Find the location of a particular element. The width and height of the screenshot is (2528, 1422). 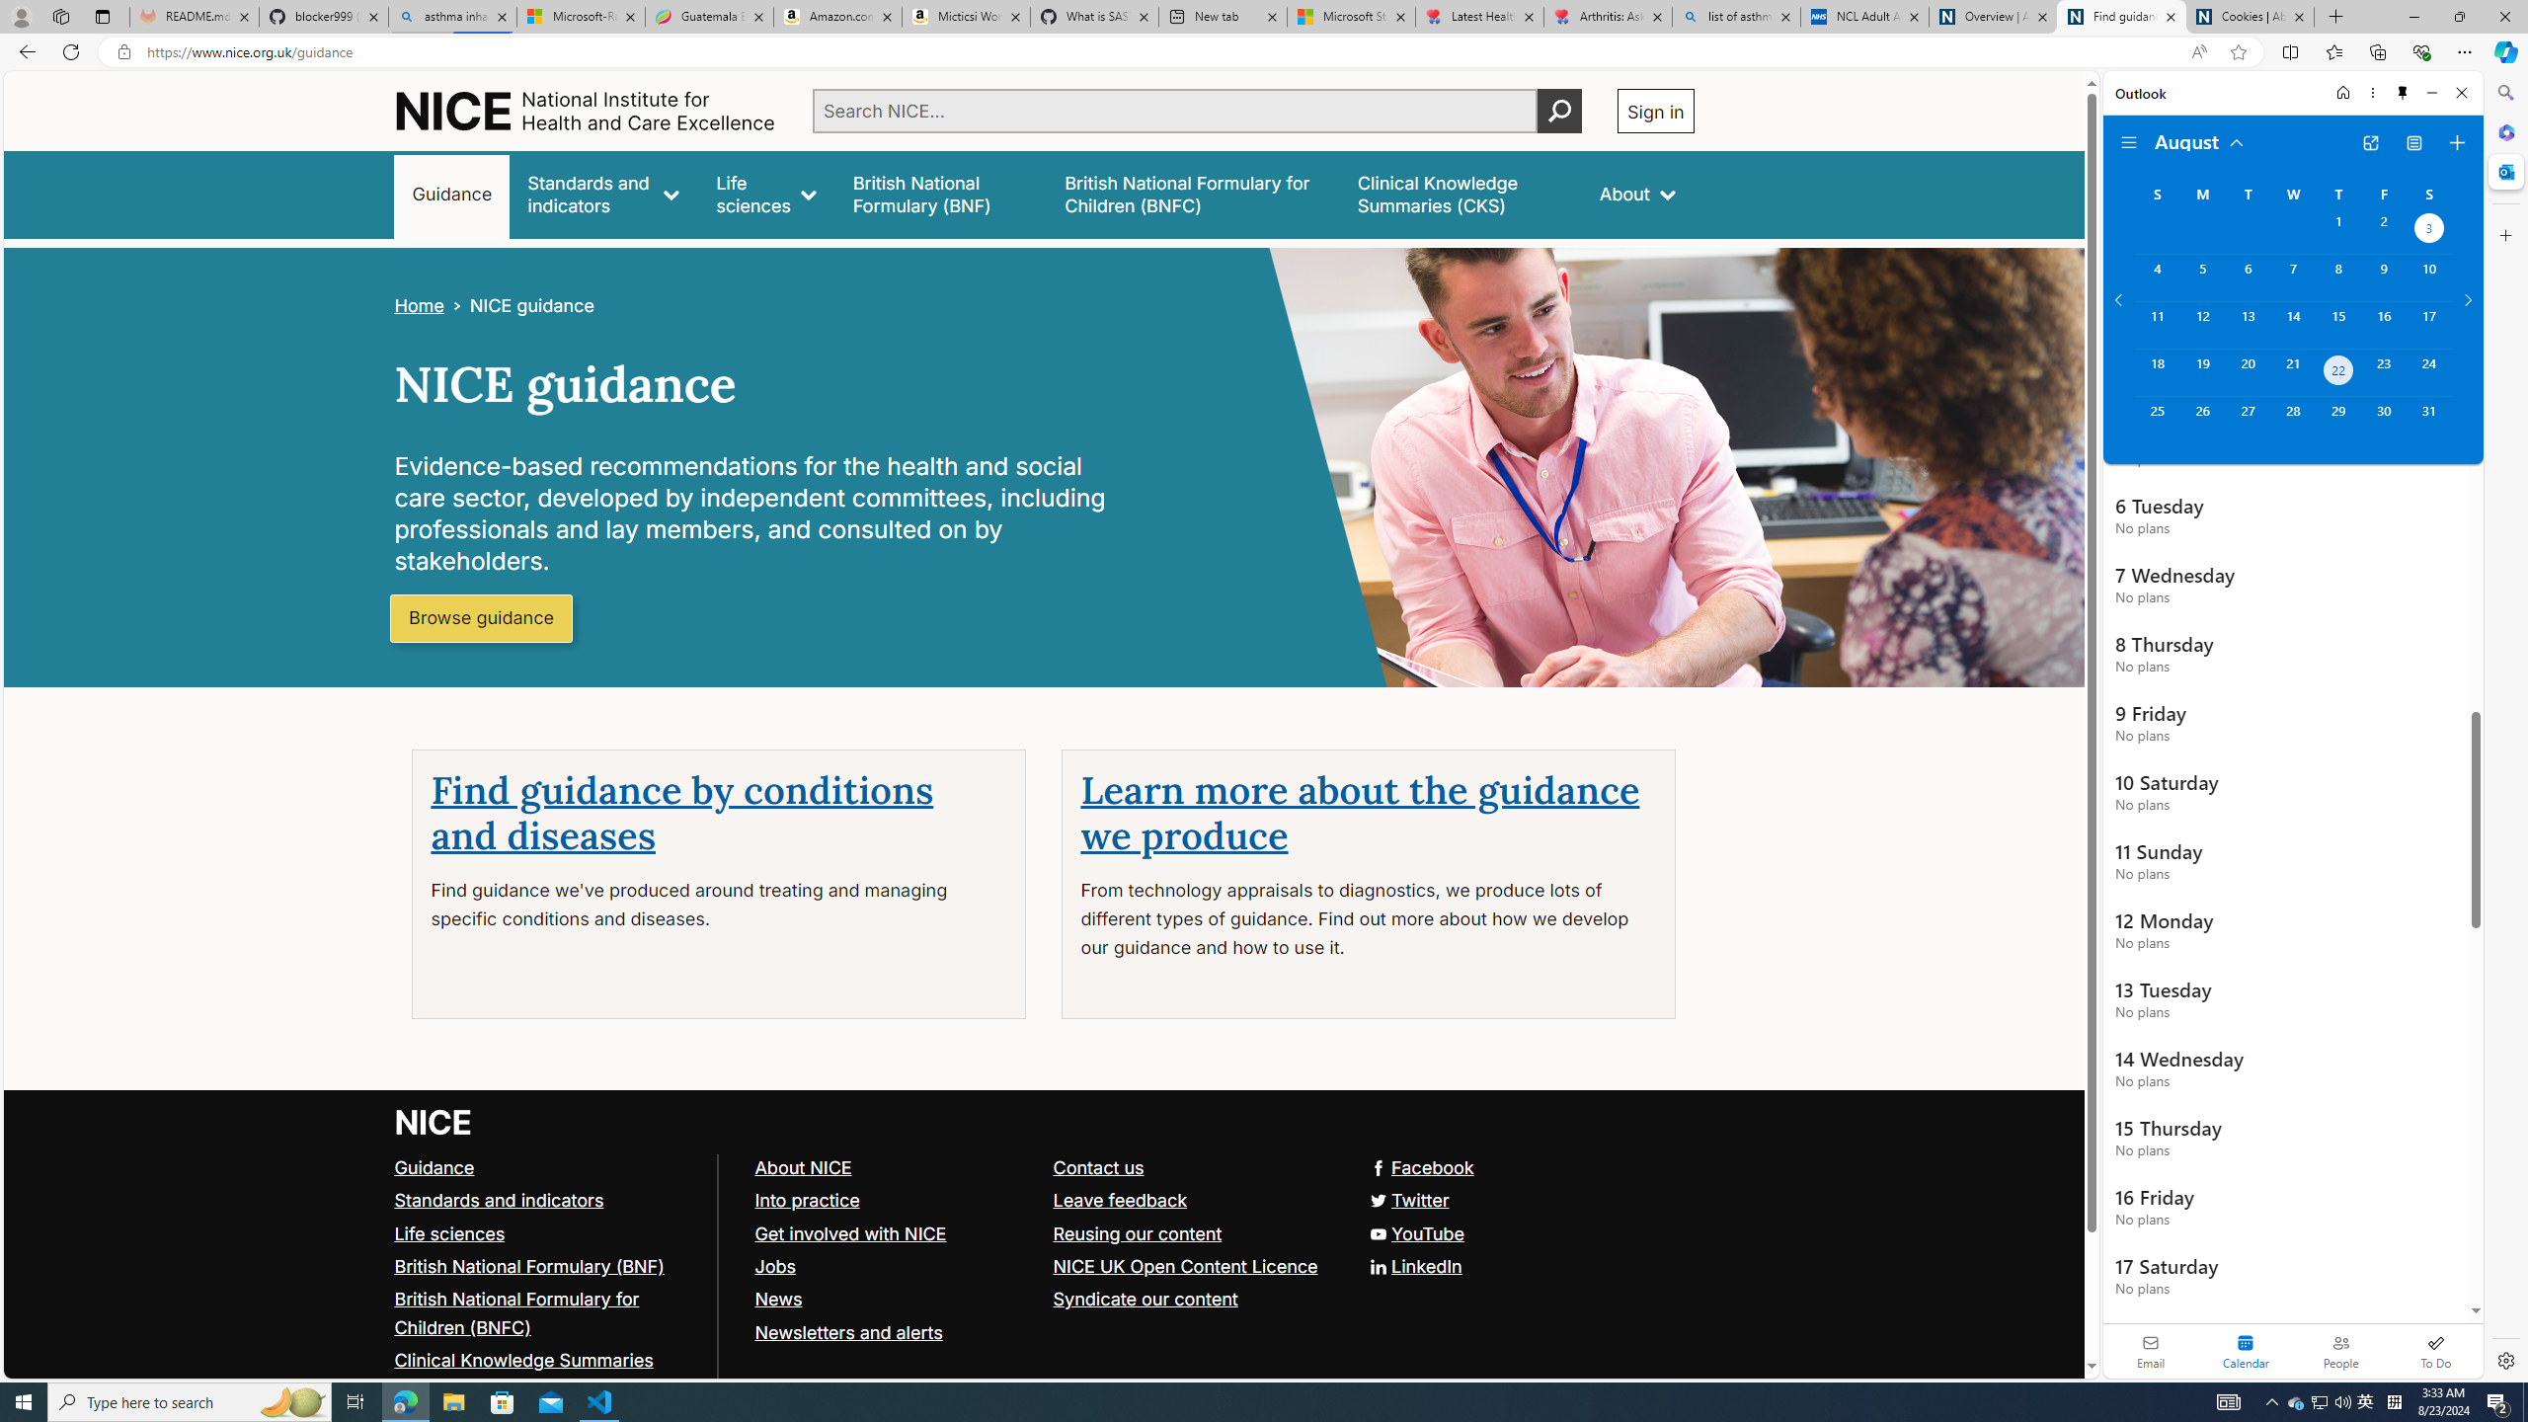

'To Do' is located at coordinates (2435, 1350).